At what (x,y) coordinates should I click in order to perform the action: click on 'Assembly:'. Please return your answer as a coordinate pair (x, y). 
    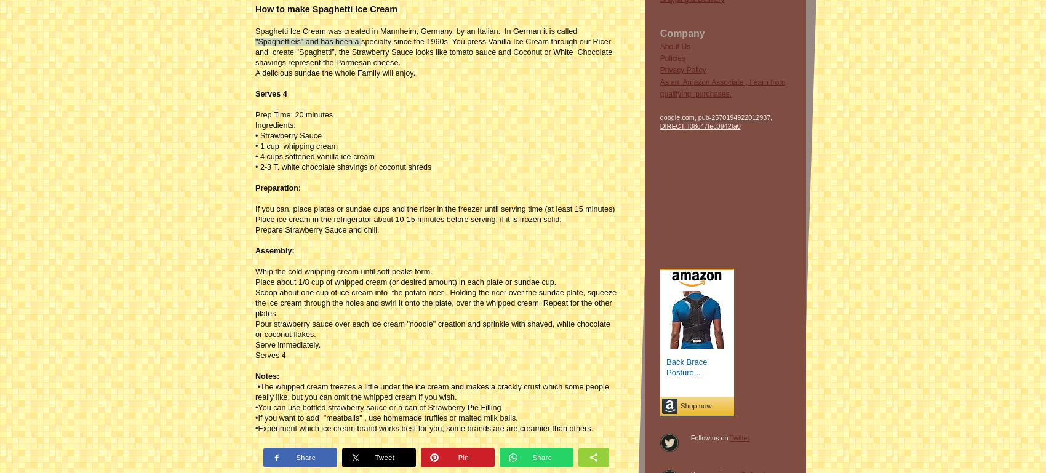
    Looking at the image, I should click on (274, 250).